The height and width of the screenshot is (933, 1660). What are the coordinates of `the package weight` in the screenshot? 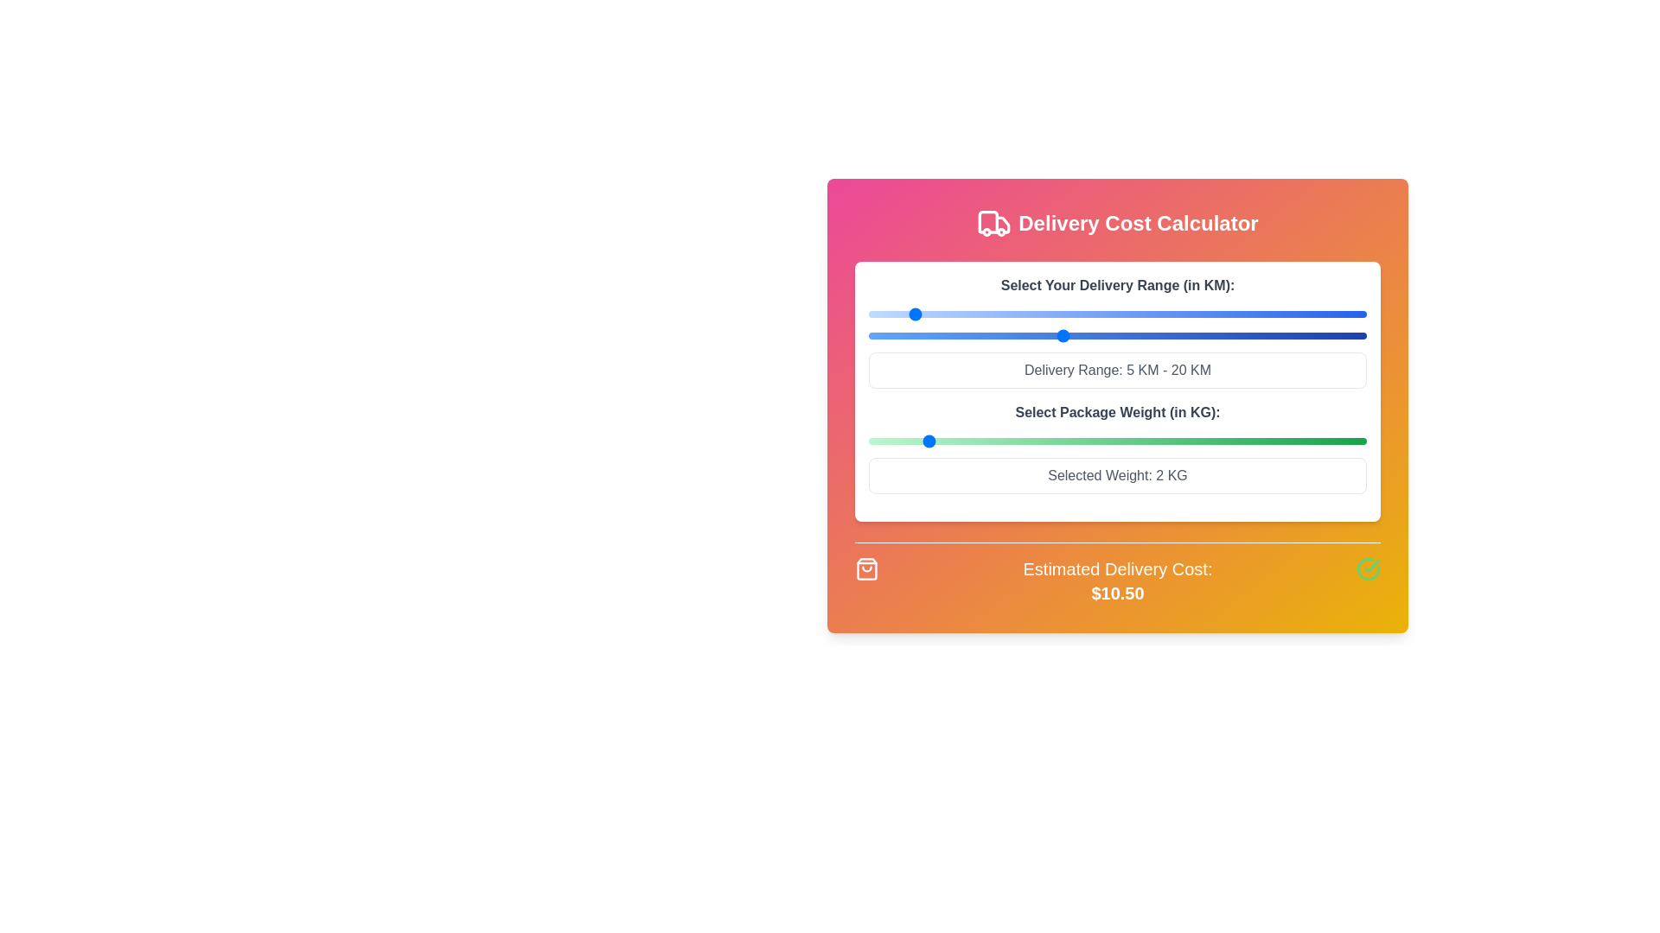 It's located at (1089, 440).